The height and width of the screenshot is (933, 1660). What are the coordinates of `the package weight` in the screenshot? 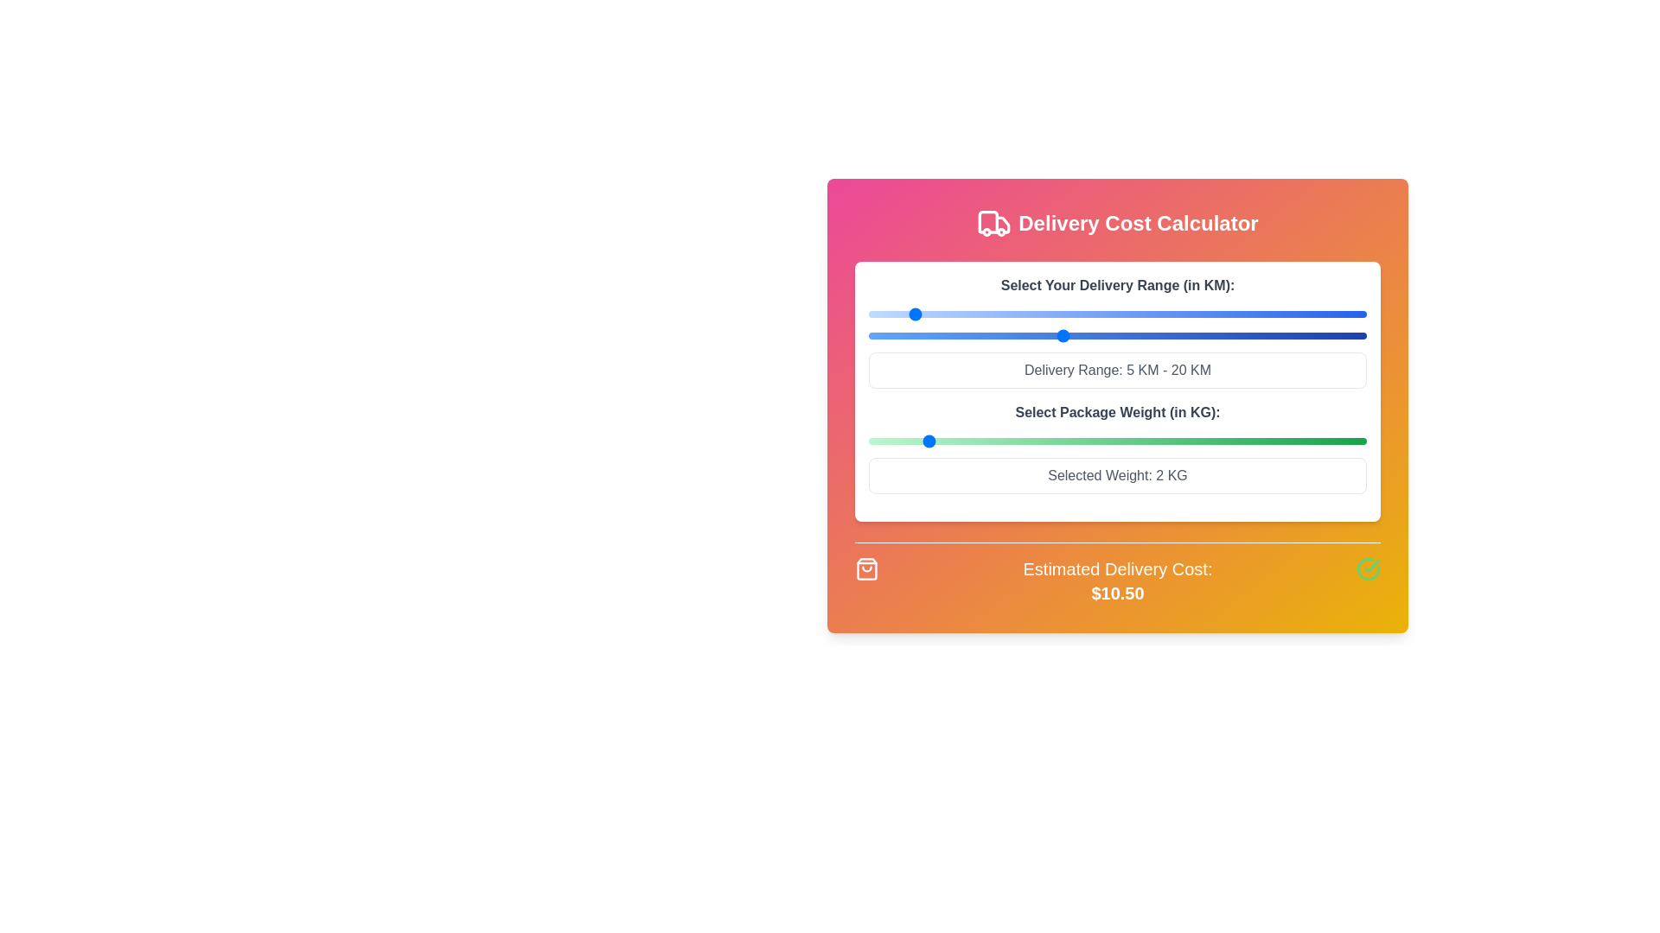 It's located at (1089, 440).